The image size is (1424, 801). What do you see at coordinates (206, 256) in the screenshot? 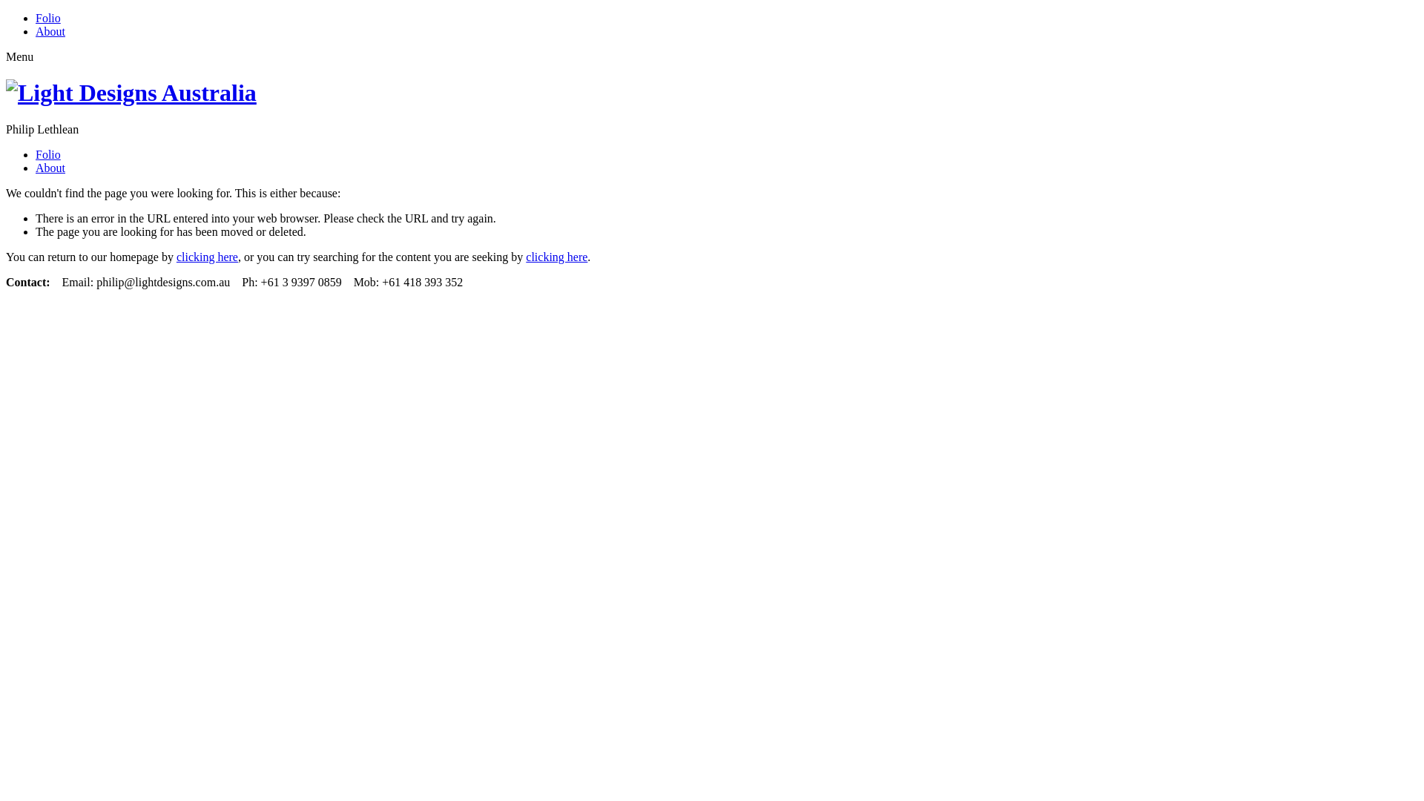
I see `'clicking here'` at bounding box center [206, 256].